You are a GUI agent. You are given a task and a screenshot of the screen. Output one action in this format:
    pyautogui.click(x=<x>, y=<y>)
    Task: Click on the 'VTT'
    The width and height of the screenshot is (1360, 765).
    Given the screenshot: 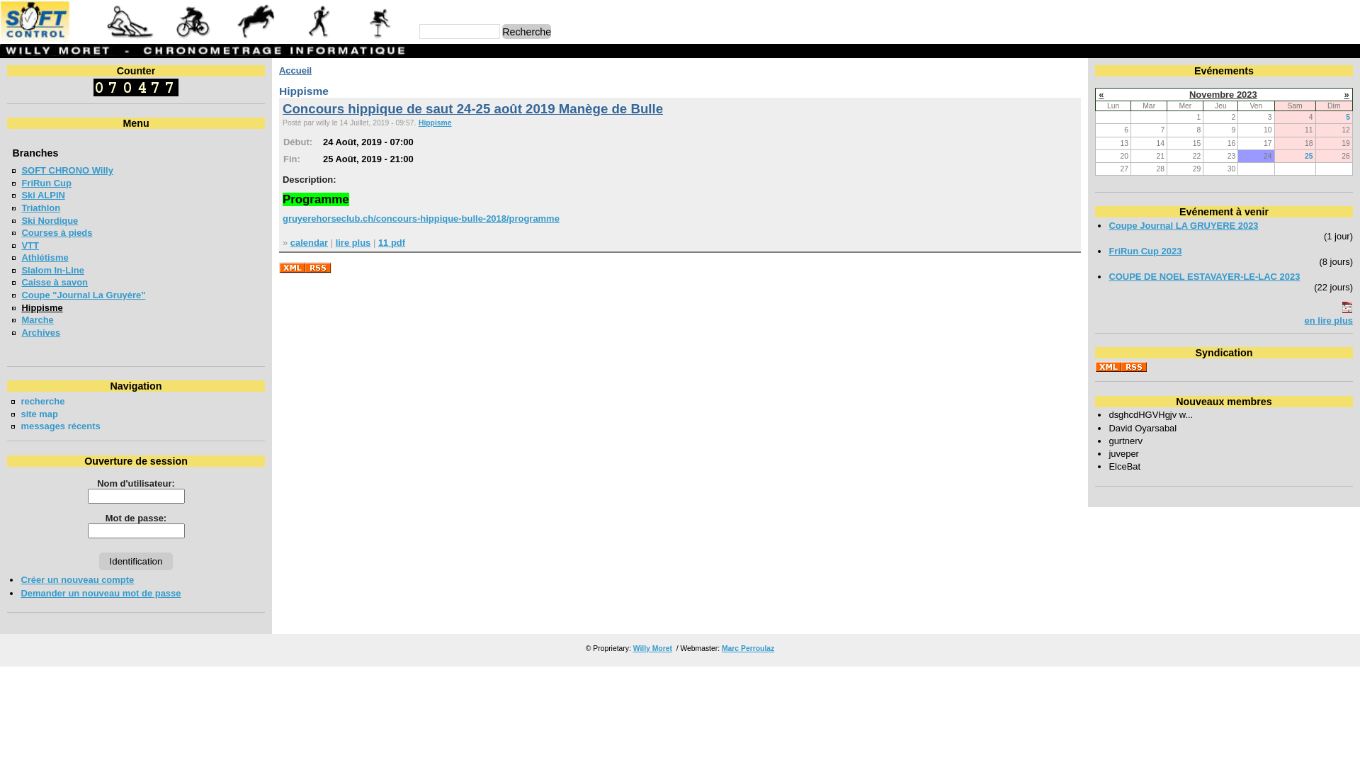 What is the action you would take?
    pyautogui.click(x=21, y=244)
    